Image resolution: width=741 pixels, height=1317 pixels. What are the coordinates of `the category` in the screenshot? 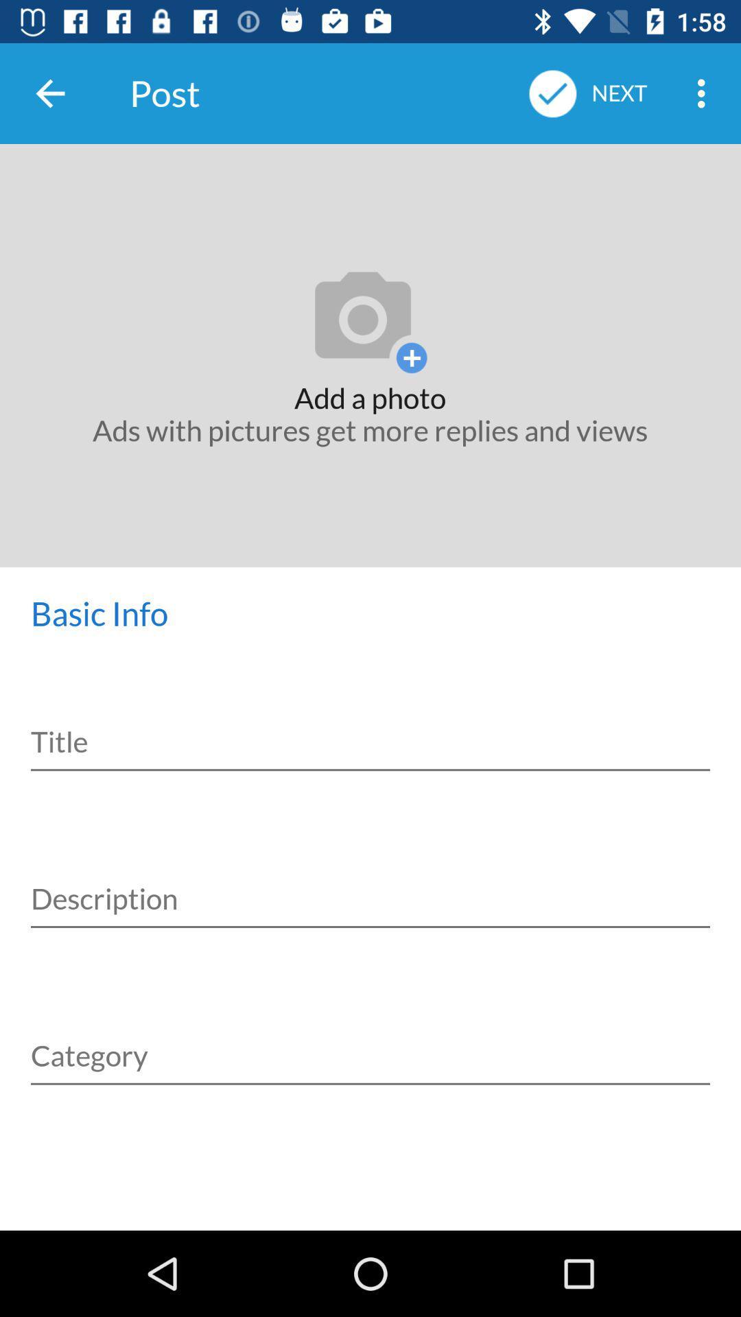 It's located at (370, 1040).